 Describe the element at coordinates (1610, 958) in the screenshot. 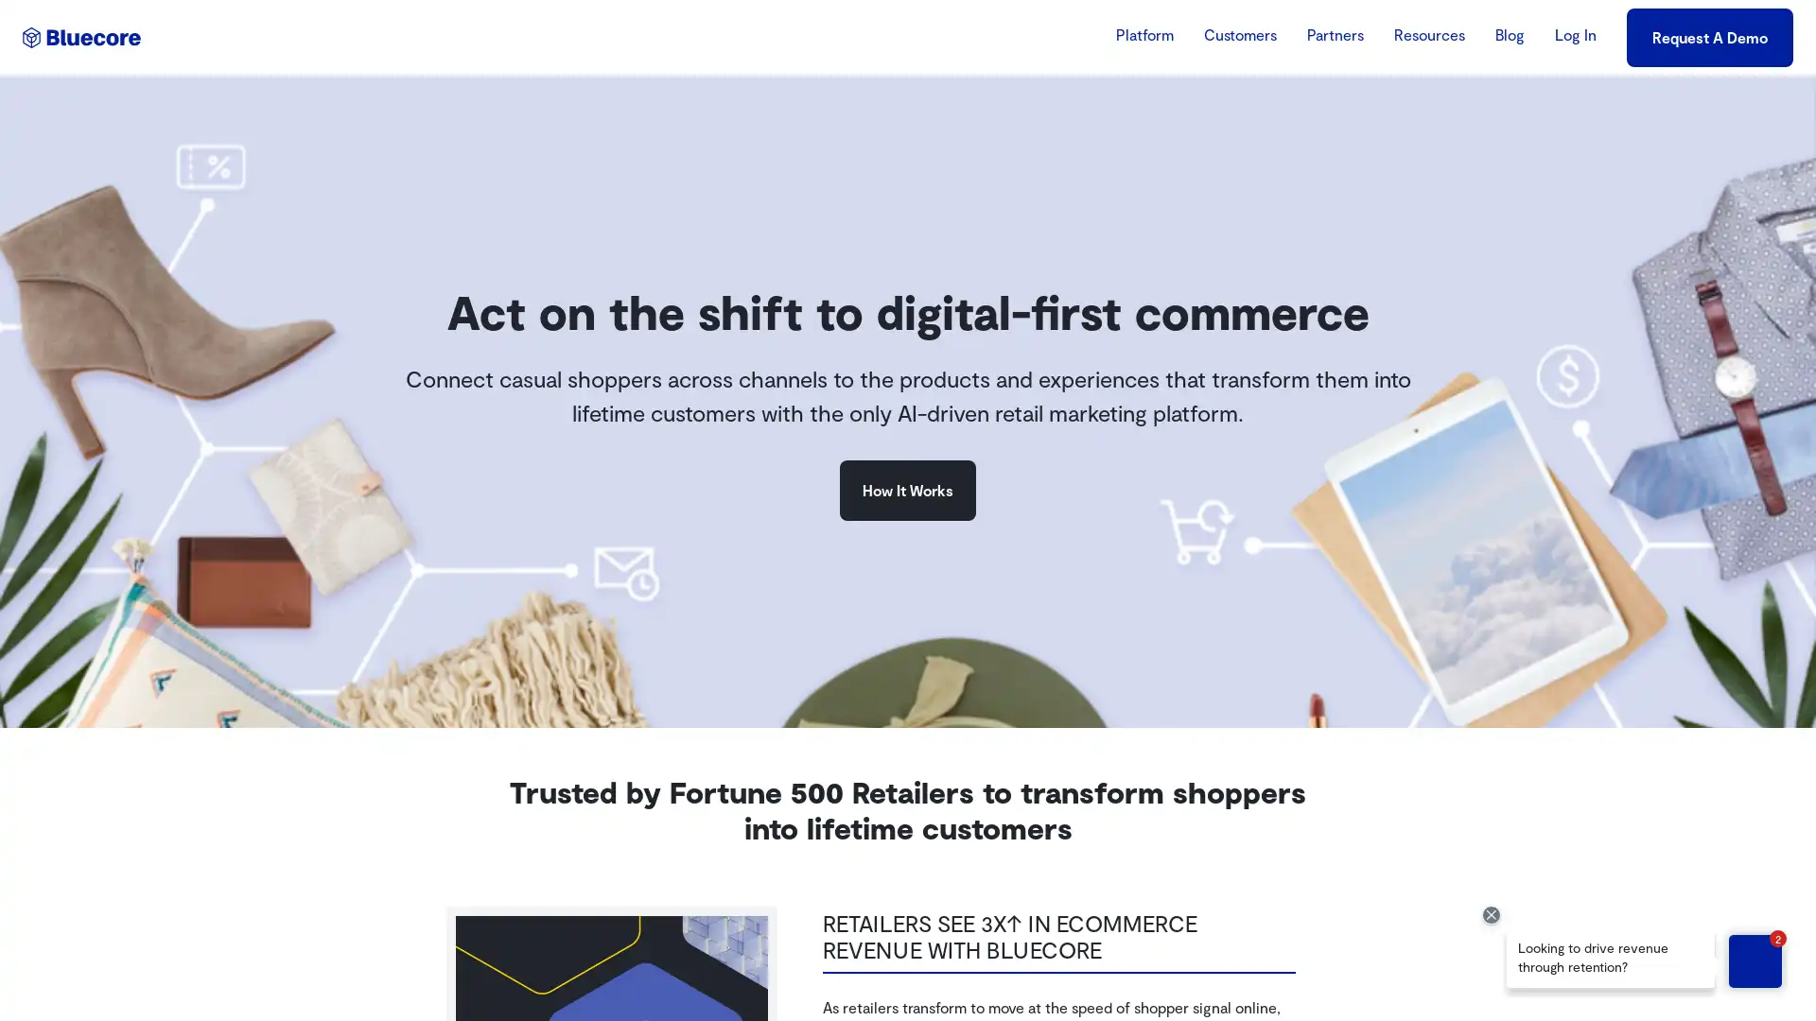

I see `Chat message from Bluebot: "Looking to drive revenue through retention?" - Open chat` at that location.